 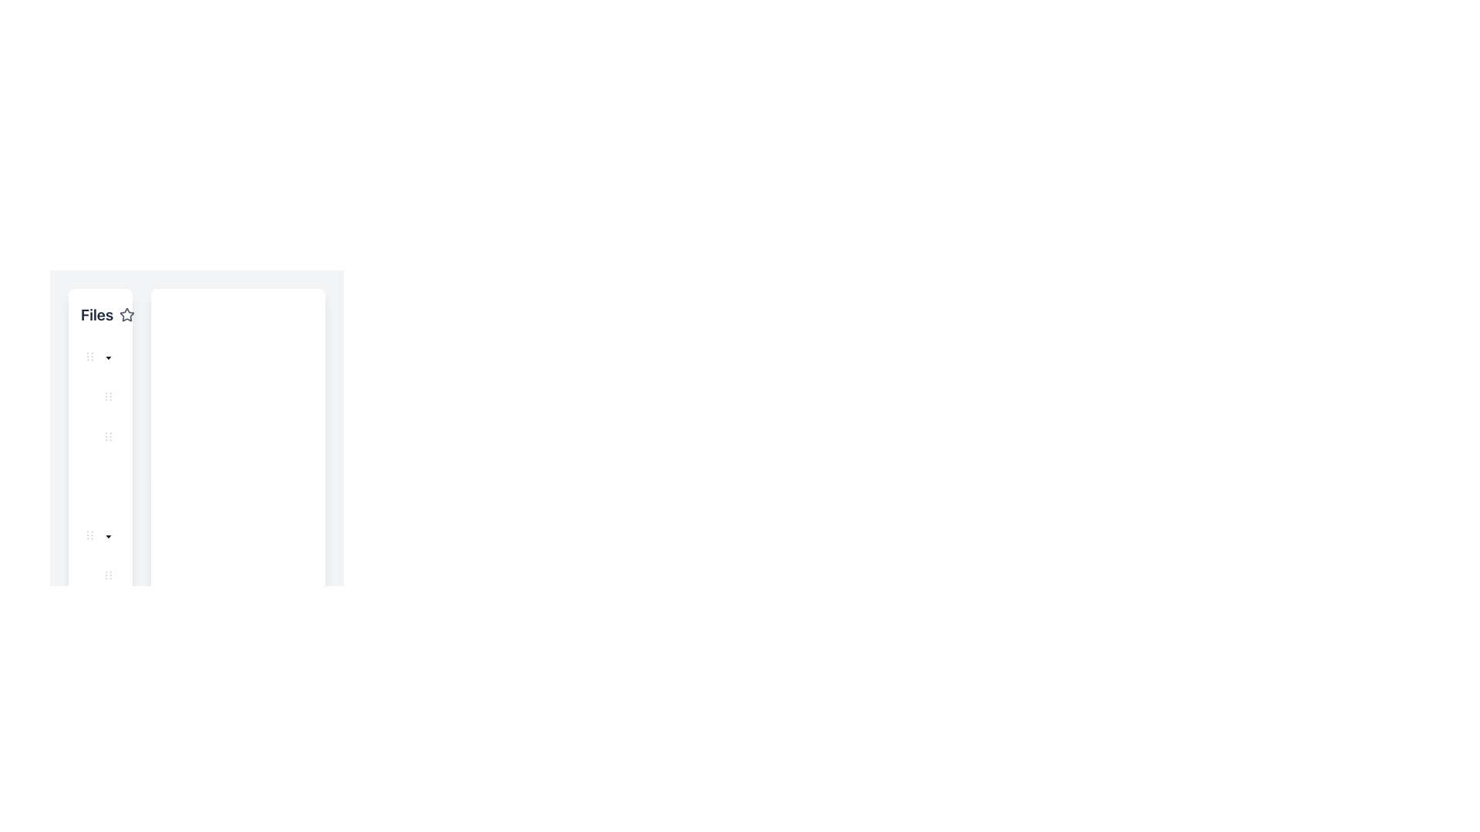 What do you see at coordinates (99, 543) in the screenshot?
I see `the 'Images' tree node label, which has a downward-pointing triangular caret indicating expanded content, to select it` at bounding box center [99, 543].